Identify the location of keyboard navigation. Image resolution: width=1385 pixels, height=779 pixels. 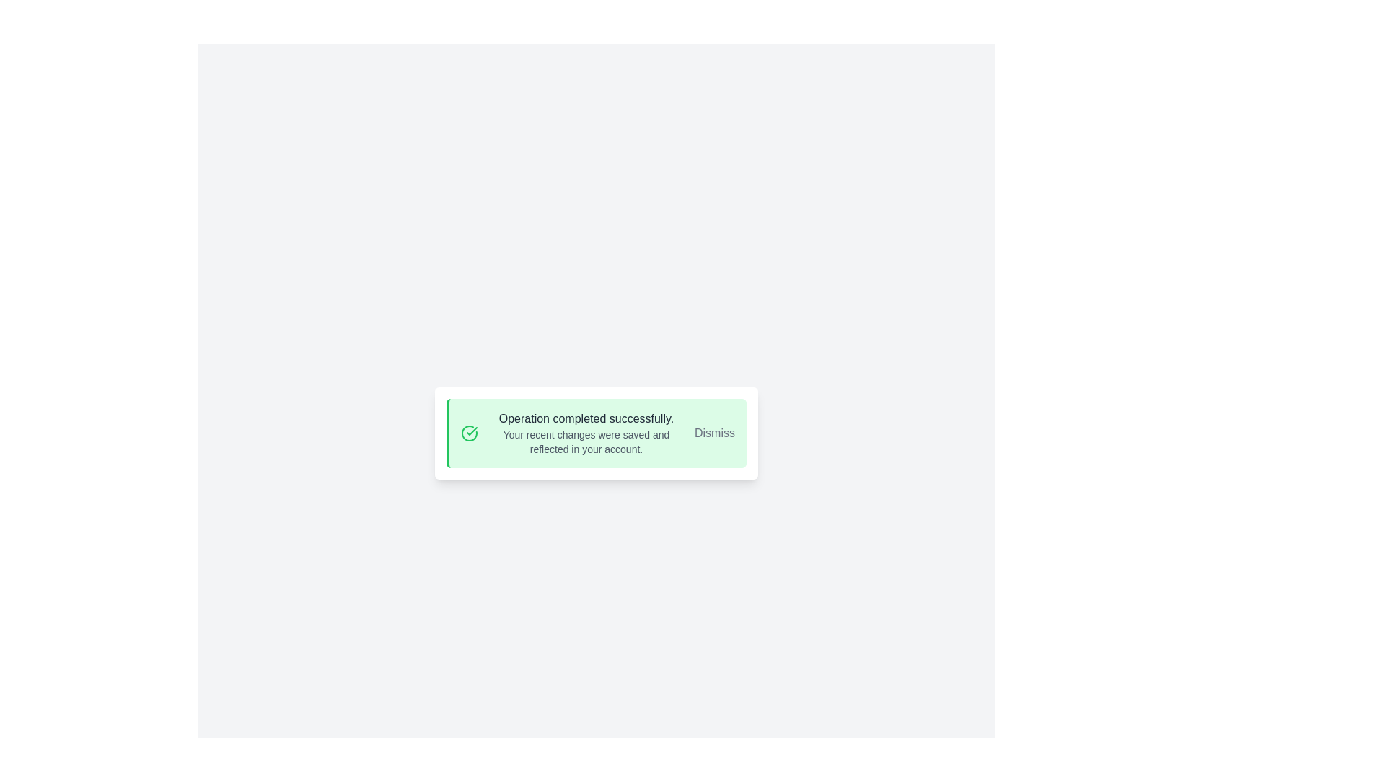
(714, 433).